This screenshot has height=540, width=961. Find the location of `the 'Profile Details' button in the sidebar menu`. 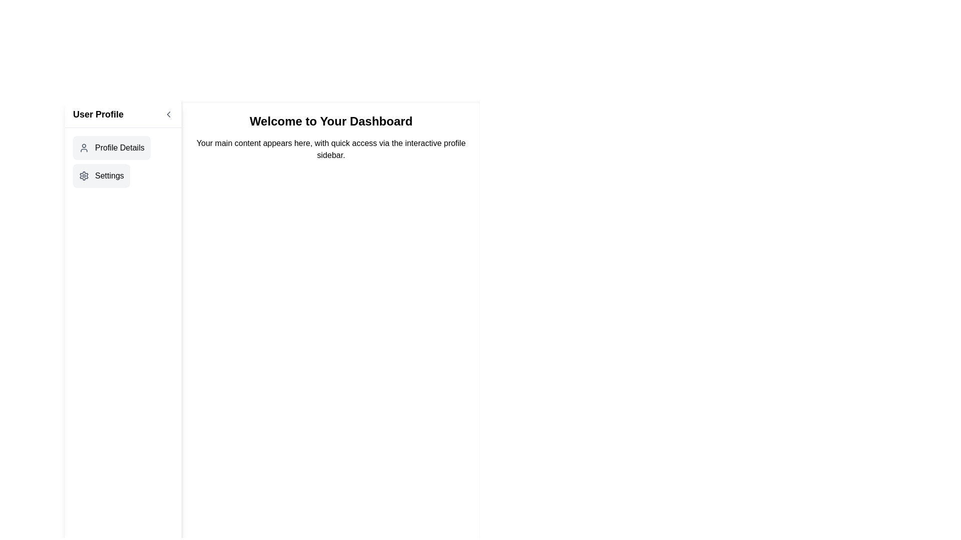

the 'Profile Details' button in the sidebar menu is located at coordinates (112, 148).